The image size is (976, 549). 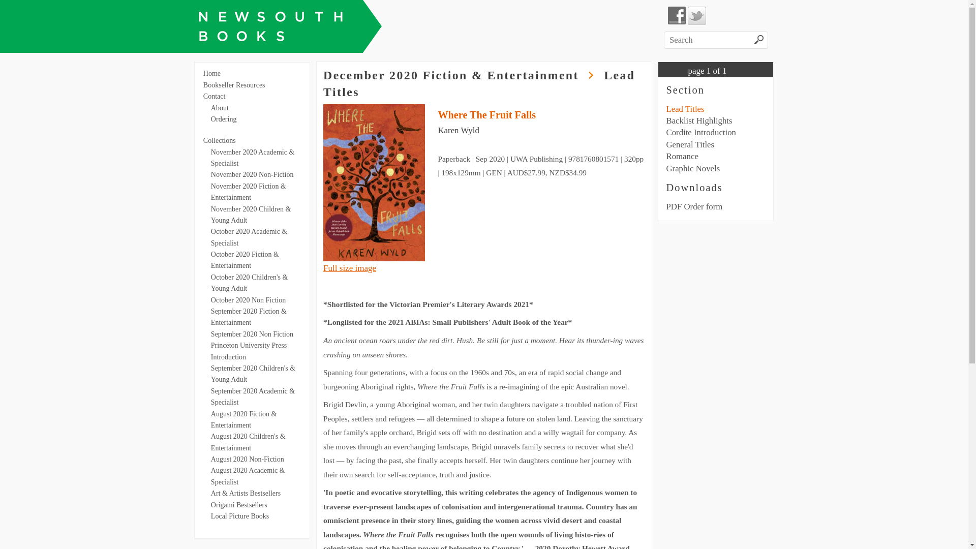 I want to click on 'Lead Titles', so click(x=685, y=109).